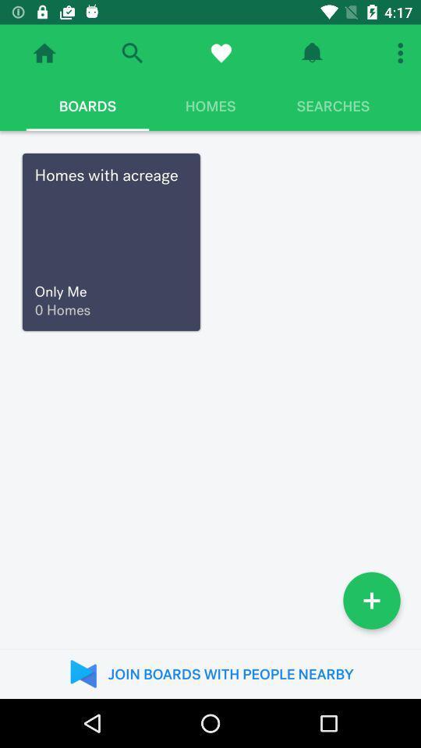 This screenshot has height=748, width=421. What do you see at coordinates (370, 599) in the screenshot?
I see `the item below searches icon` at bounding box center [370, 599].